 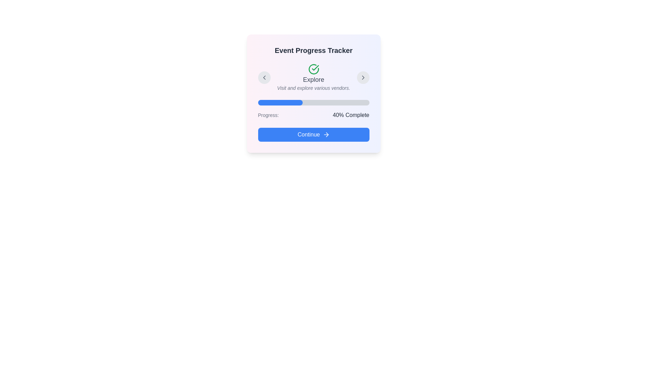 What do you see at coordinates (313, 78) in the screenshot?
I see `the descriptive text of the compound element containing the navigational control, check icon, and text 'Explore' and 'Visit and explore various vendors.'` at bounding box center [313, 78].